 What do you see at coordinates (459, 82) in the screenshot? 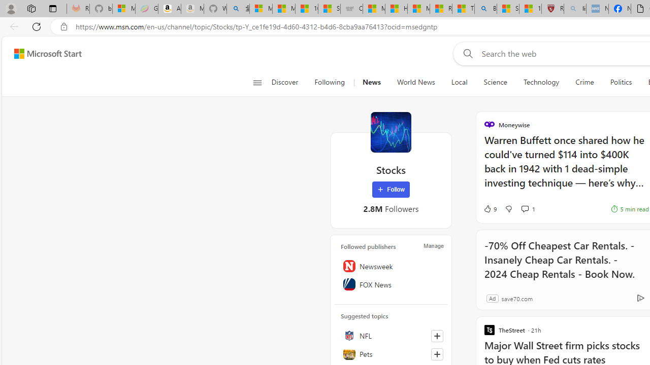
I see `'Local'` at bounding box center [459, 82].